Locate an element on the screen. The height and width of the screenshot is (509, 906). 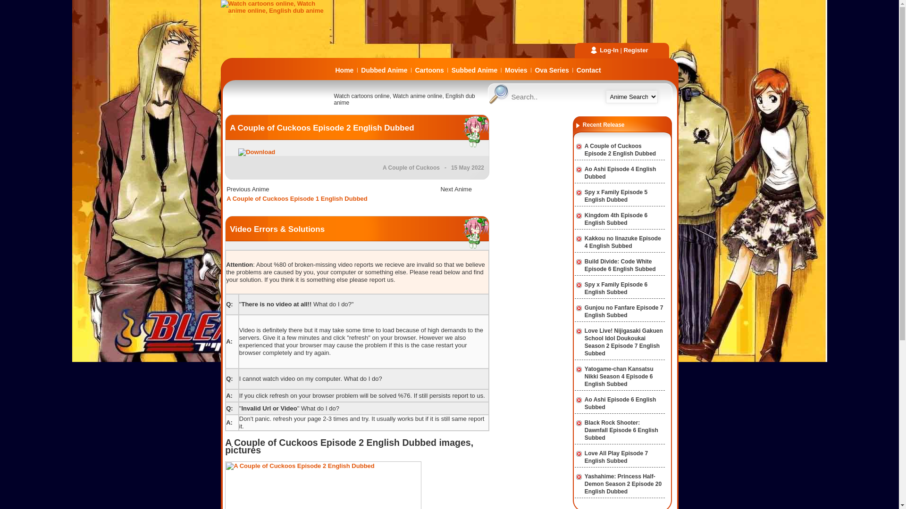
'Love All Play Episode 7 English Subbed' is located at coordinates (584, 456).